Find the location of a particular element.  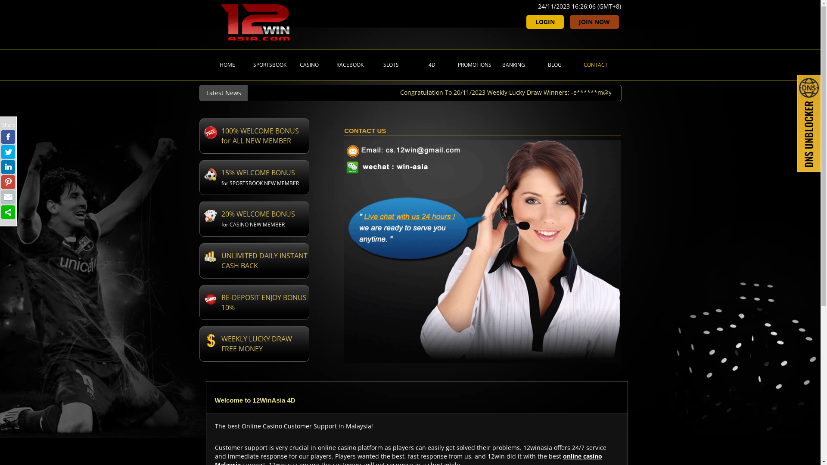

'CONTACT' is located at coordinates (573, 64).